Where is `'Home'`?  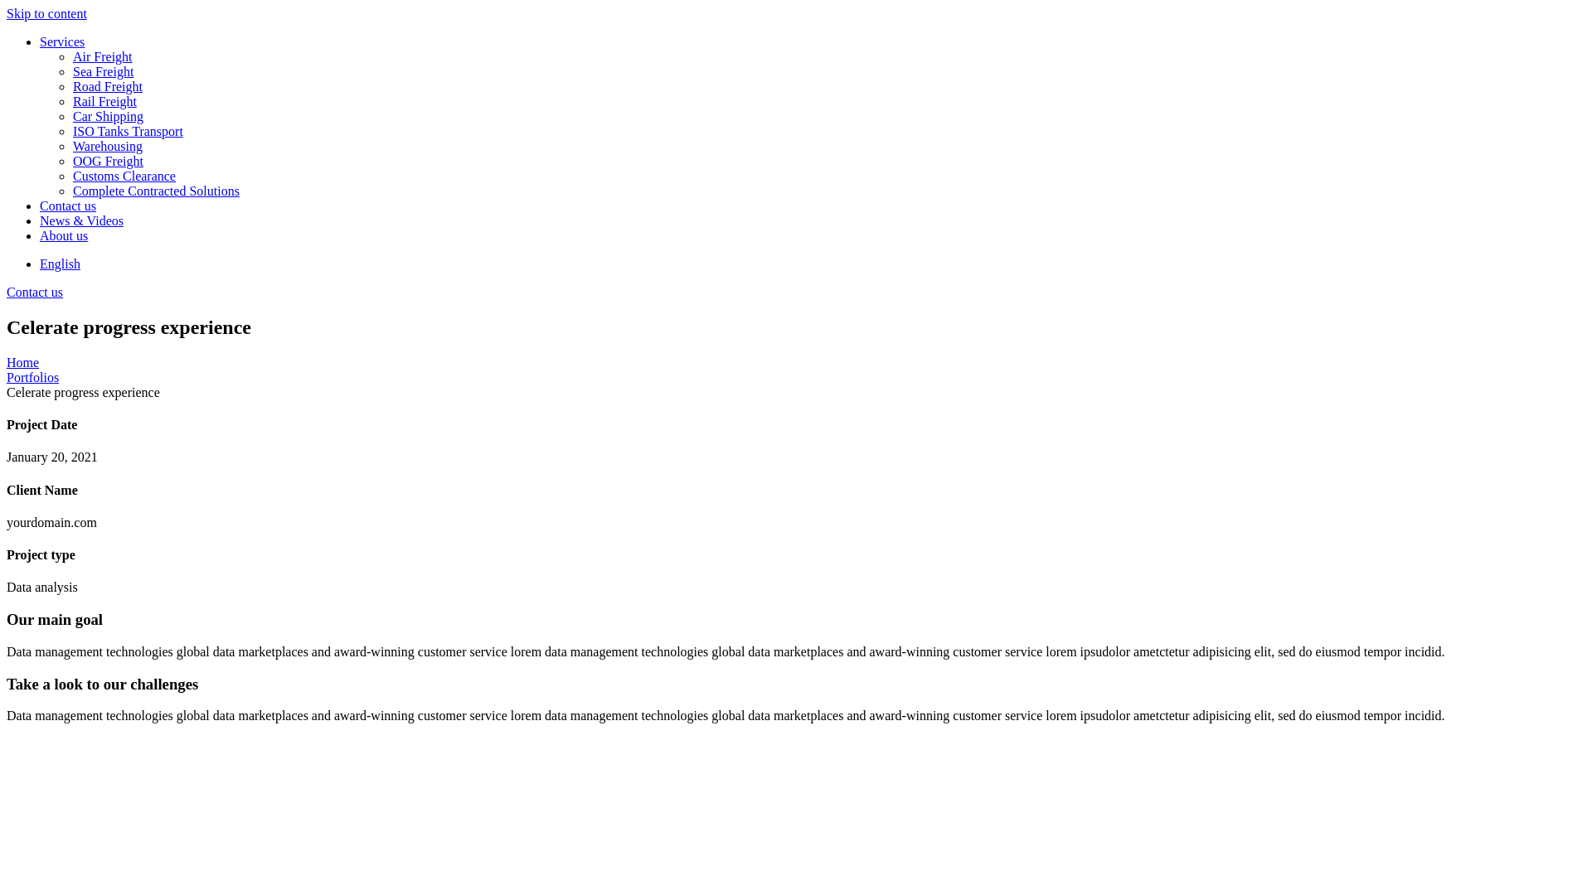
'Home' is located at coordinates (22, 361).